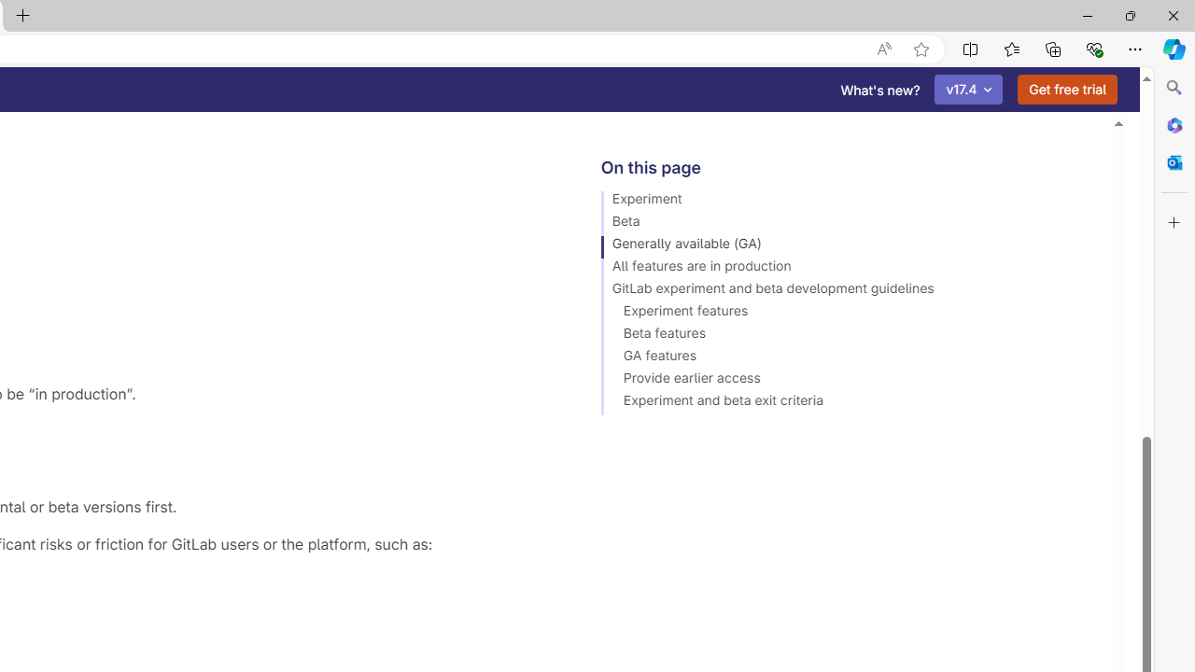 This screenshot has height=672, width=1195. Describe the element at coordinates (847, 223) in the screenshot. I see `'Beta'` at that location.